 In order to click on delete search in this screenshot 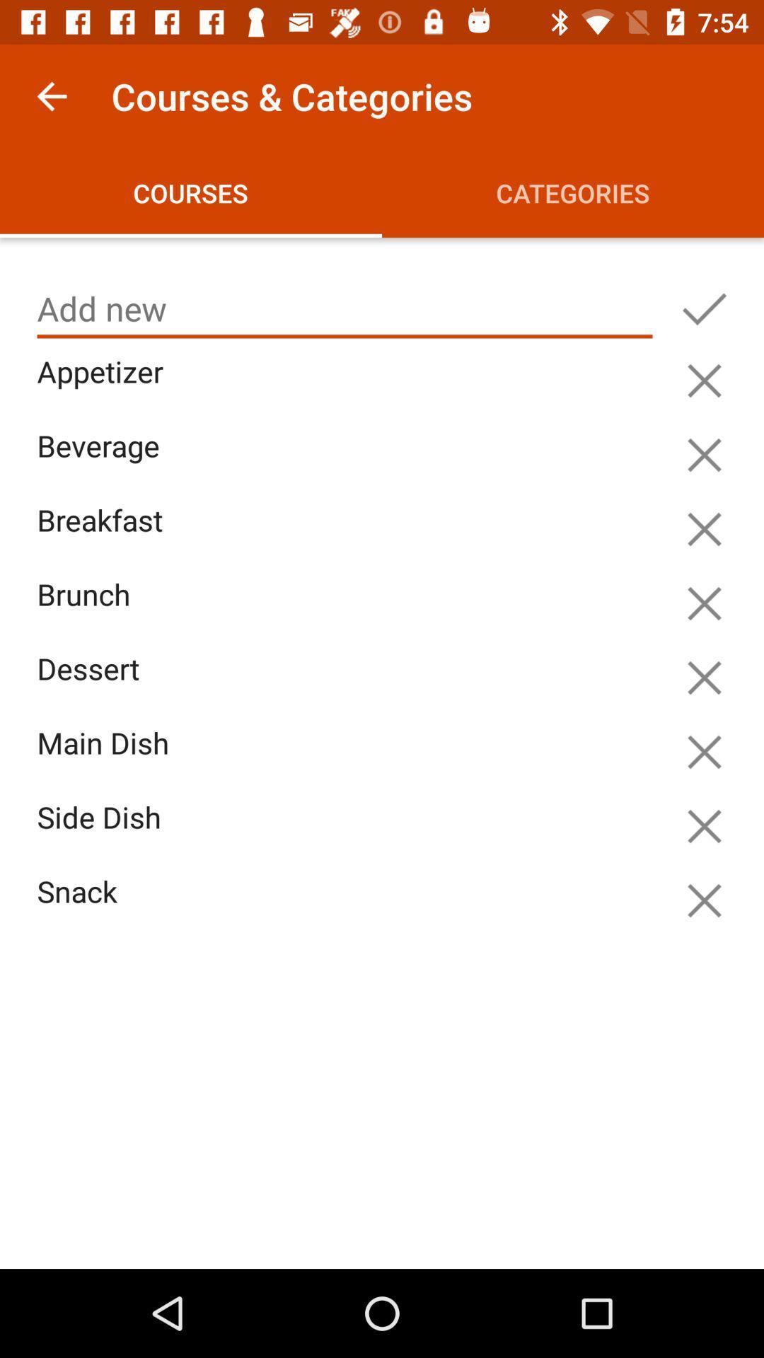, I will do `click(704, 751)`.